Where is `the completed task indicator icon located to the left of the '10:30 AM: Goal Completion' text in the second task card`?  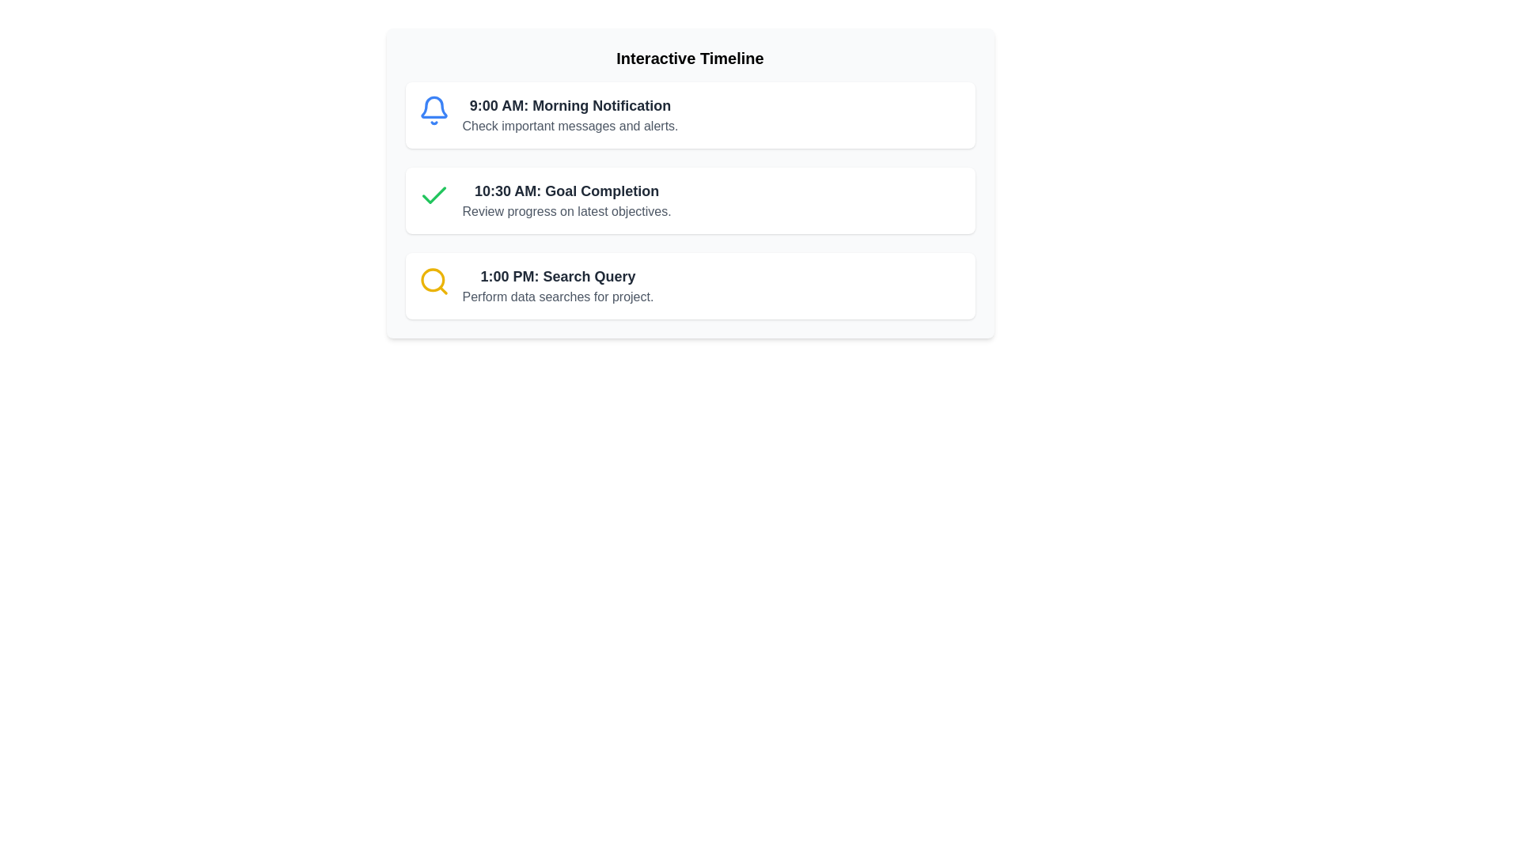
the completed task indicator icon located to the left of the '10:30 AM: Goal Completion' text in the second task card is located at coordinates (434, 195).